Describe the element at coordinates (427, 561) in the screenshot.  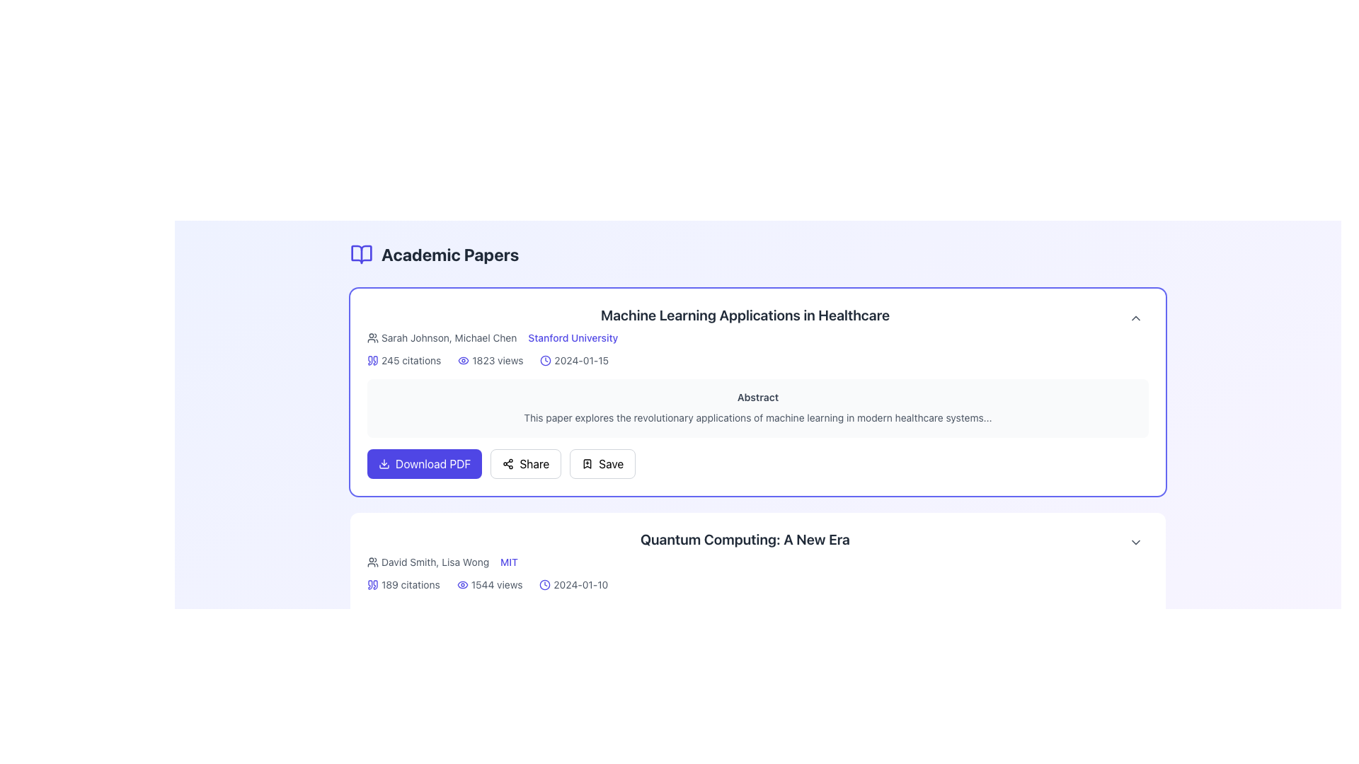
I see `the text label displaying 'David Smith, Lisa Wong' which is styled in grayish color and positioned after a group icon, located in the bottom section of the interface under 'Quantum Computing: A New Era'` at that location.